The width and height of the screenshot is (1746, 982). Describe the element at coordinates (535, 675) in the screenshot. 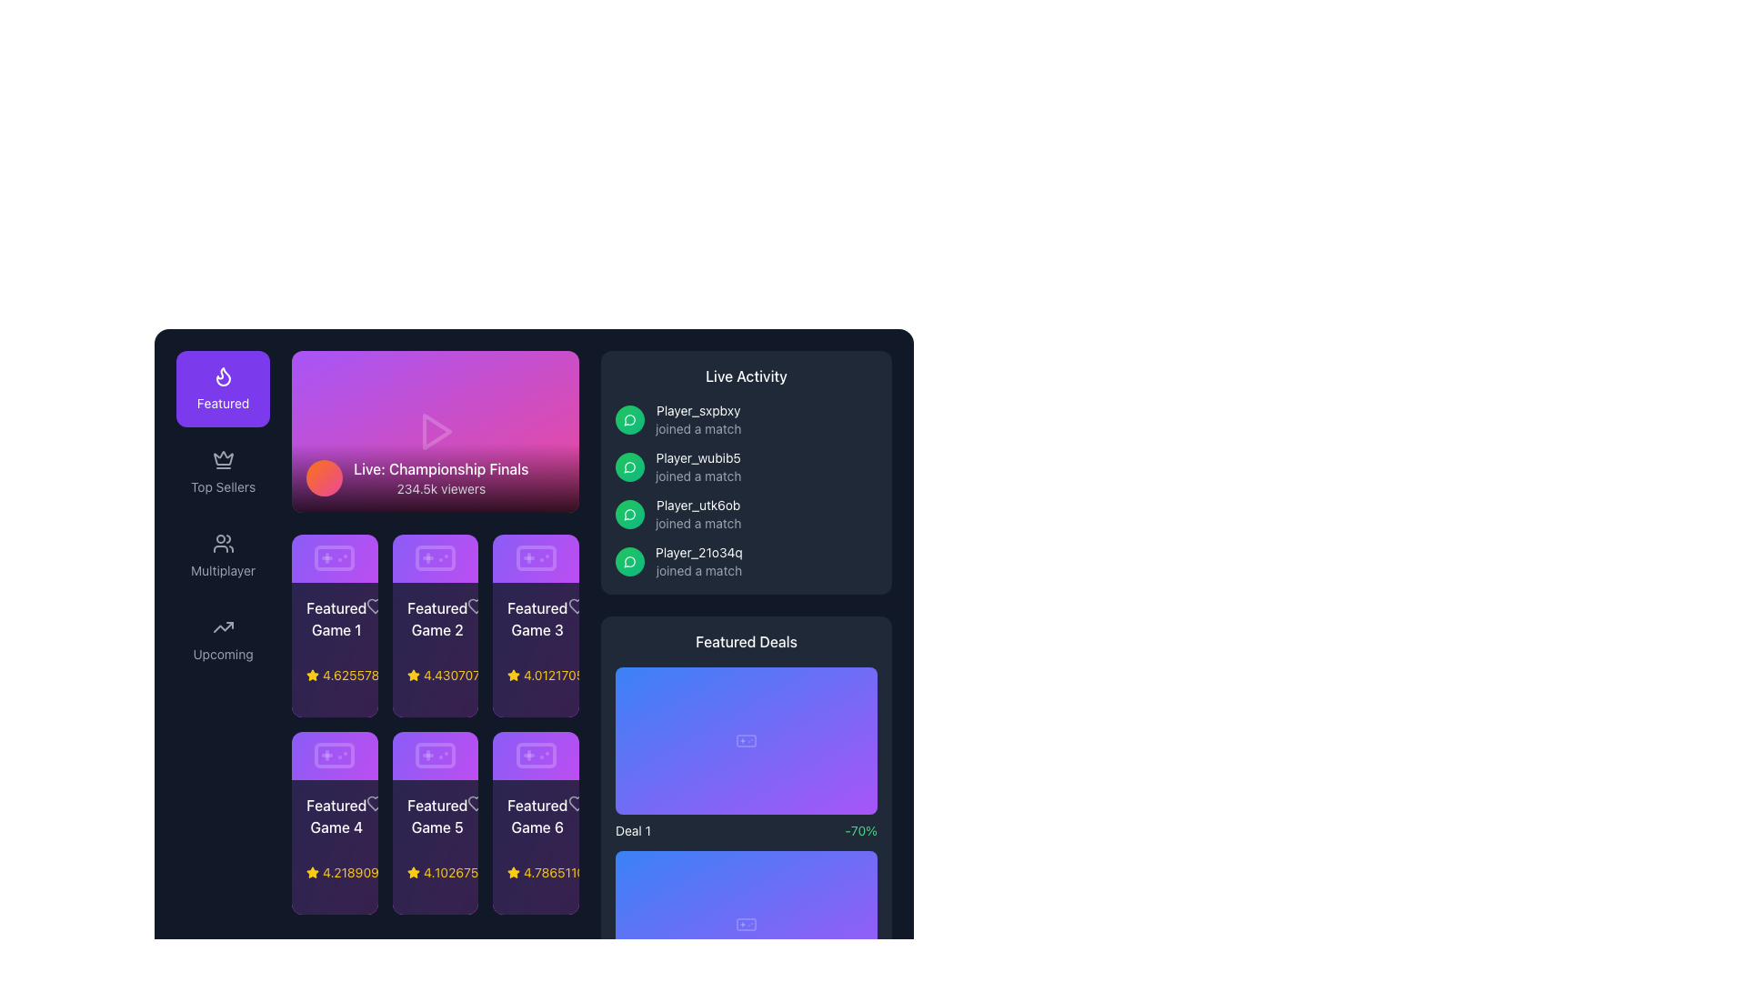

I see `the text label displaying '4.012170588817811â¢ 12085 online$31.99' located below the title 'Featured Game 3' in the featured games layout` at that location.